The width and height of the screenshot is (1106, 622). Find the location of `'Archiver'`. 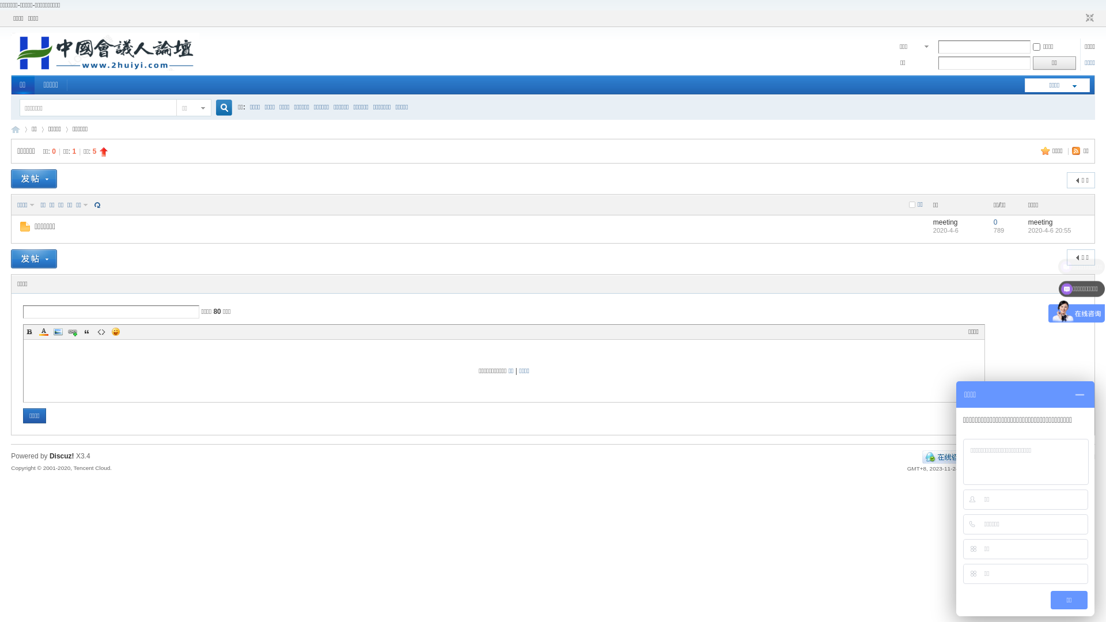

'Archiver' is located at coordinates (988, 456).